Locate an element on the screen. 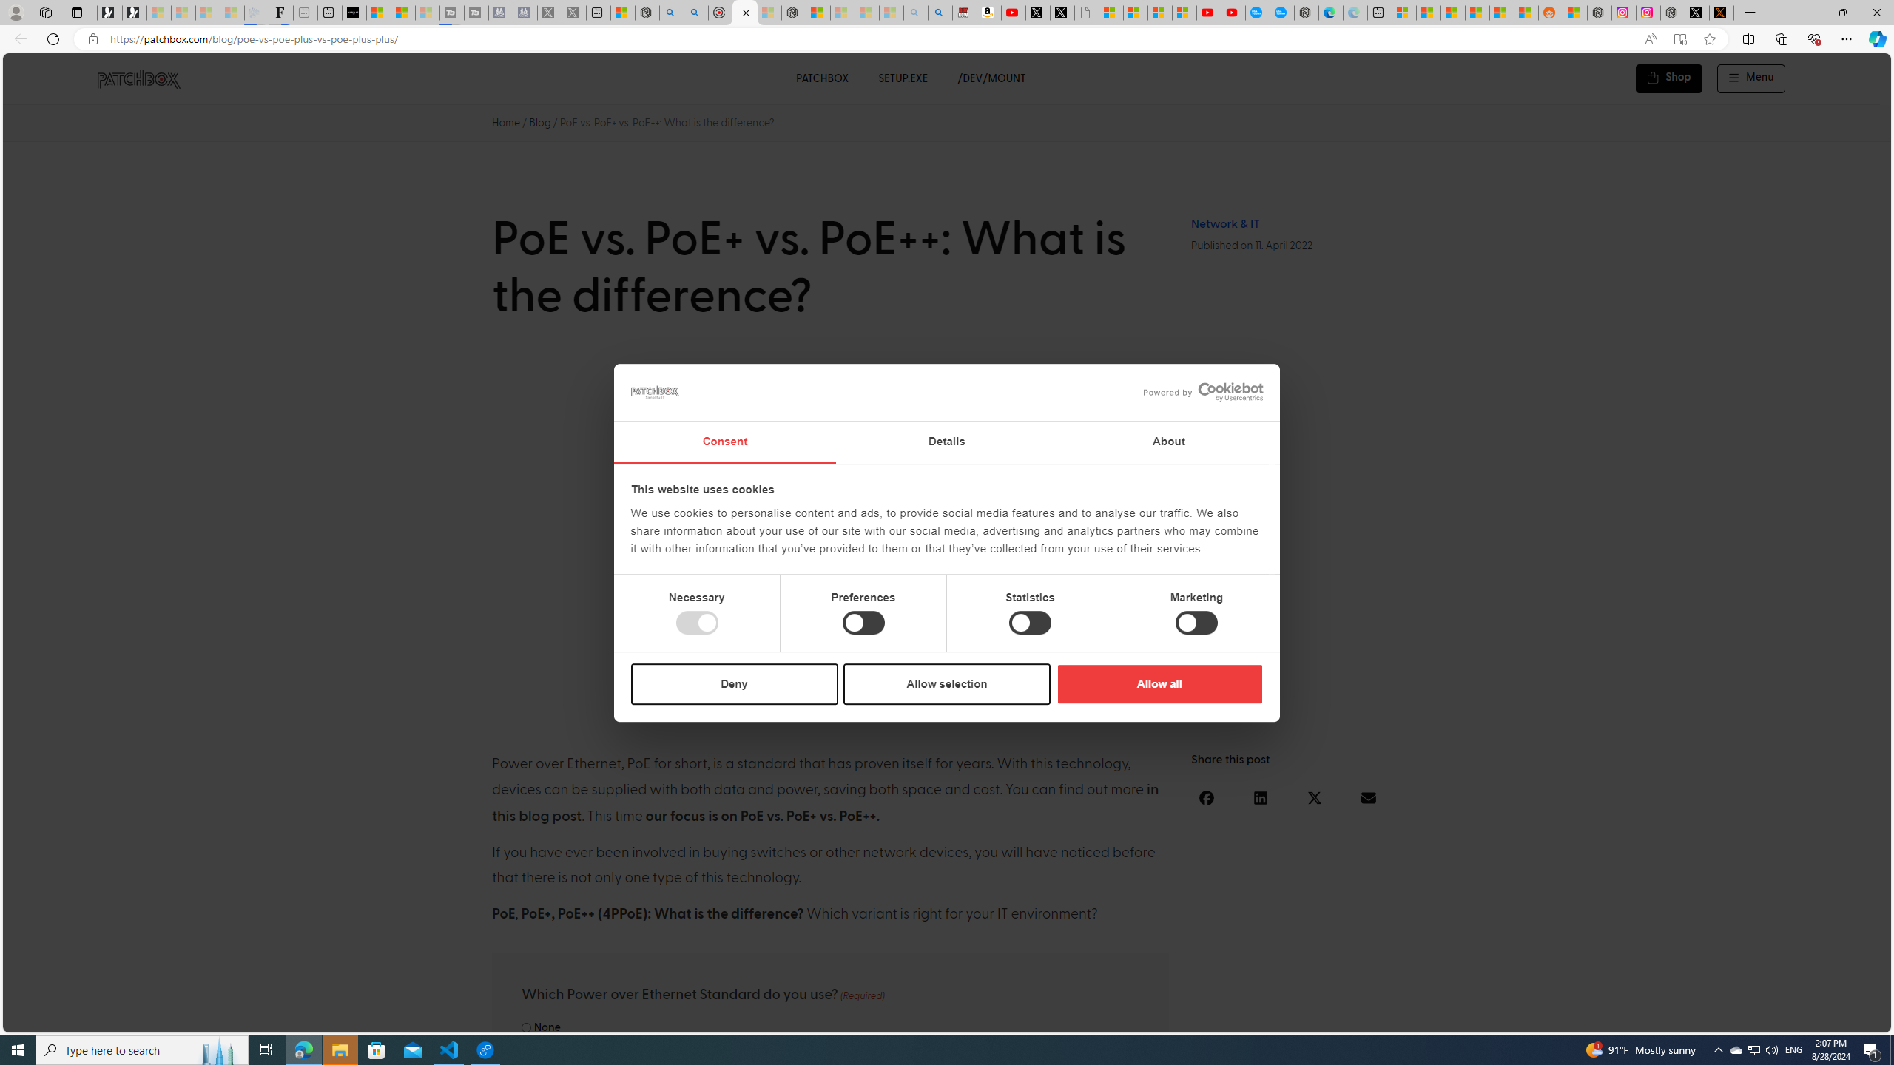 The width and height of the screenshot is (1894, 1065). 'Day 1: Arriving in Yemen (surreal to be here) - YouTube' is located at coordinates (1013, 12).